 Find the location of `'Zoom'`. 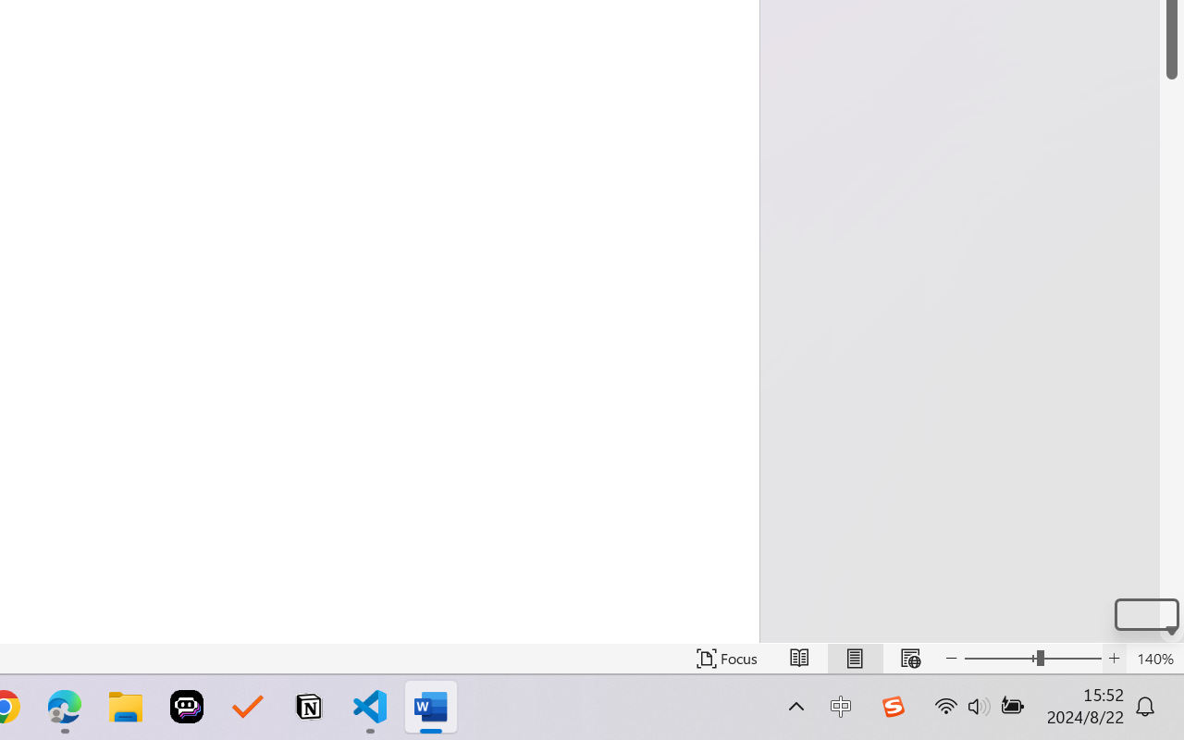

'Zoom' is located at coordinates (1031, 658).